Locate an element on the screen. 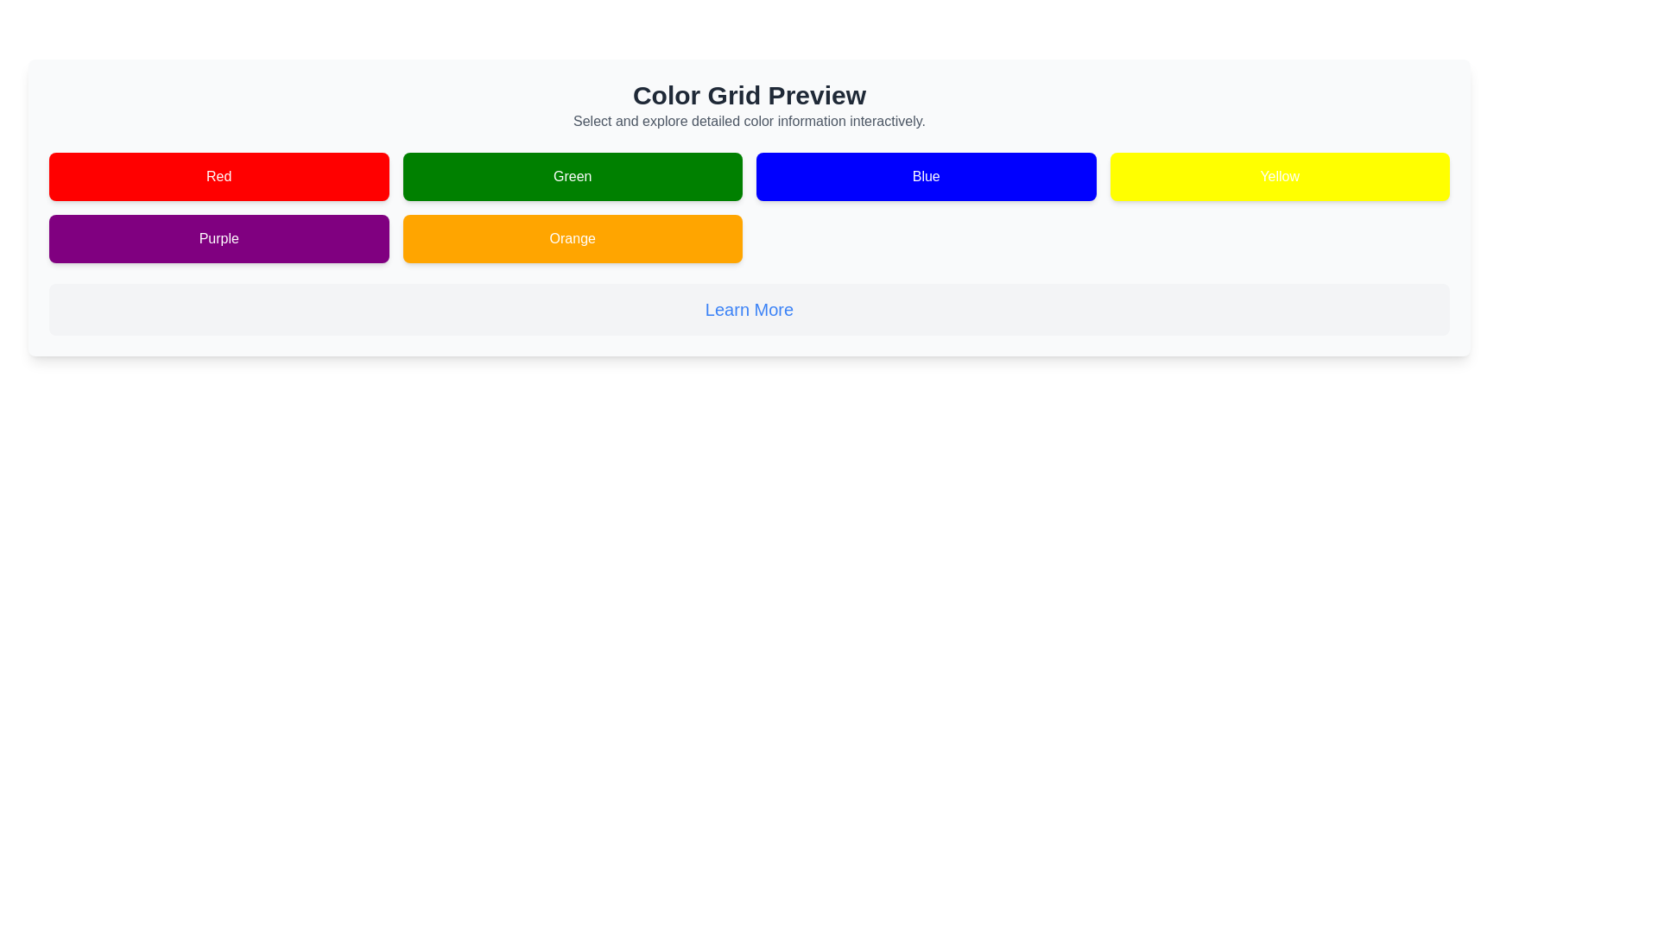  the 'Yellow' button, which is a rectangular button with rounded corners and a vibrant yellow background is located at coordinates (1280, 176).